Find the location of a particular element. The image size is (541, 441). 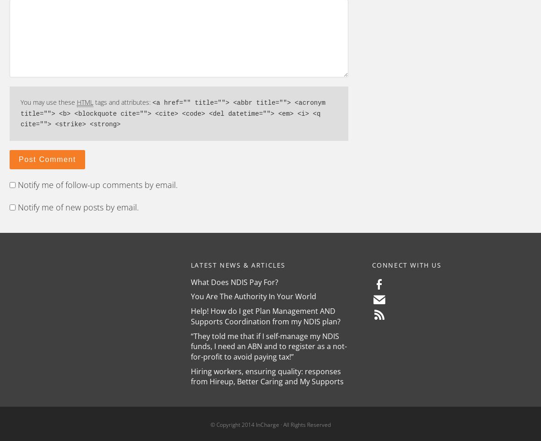

'· All Rights Reserved' is located at coordinates (304, 425).